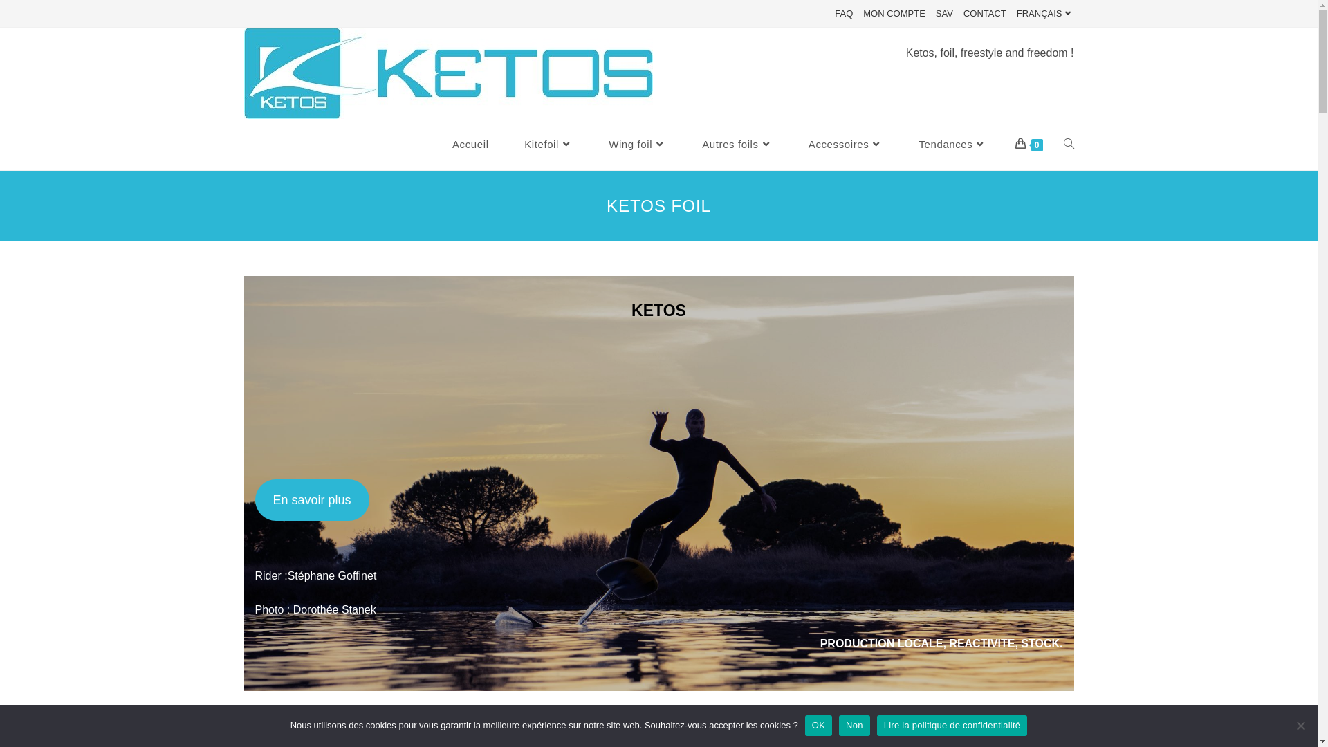 The width and height of the screenshot is (1328, 747). Describe the element at coordinates (842, 13) in the screenshot. I see `'FAQ'` at that location.